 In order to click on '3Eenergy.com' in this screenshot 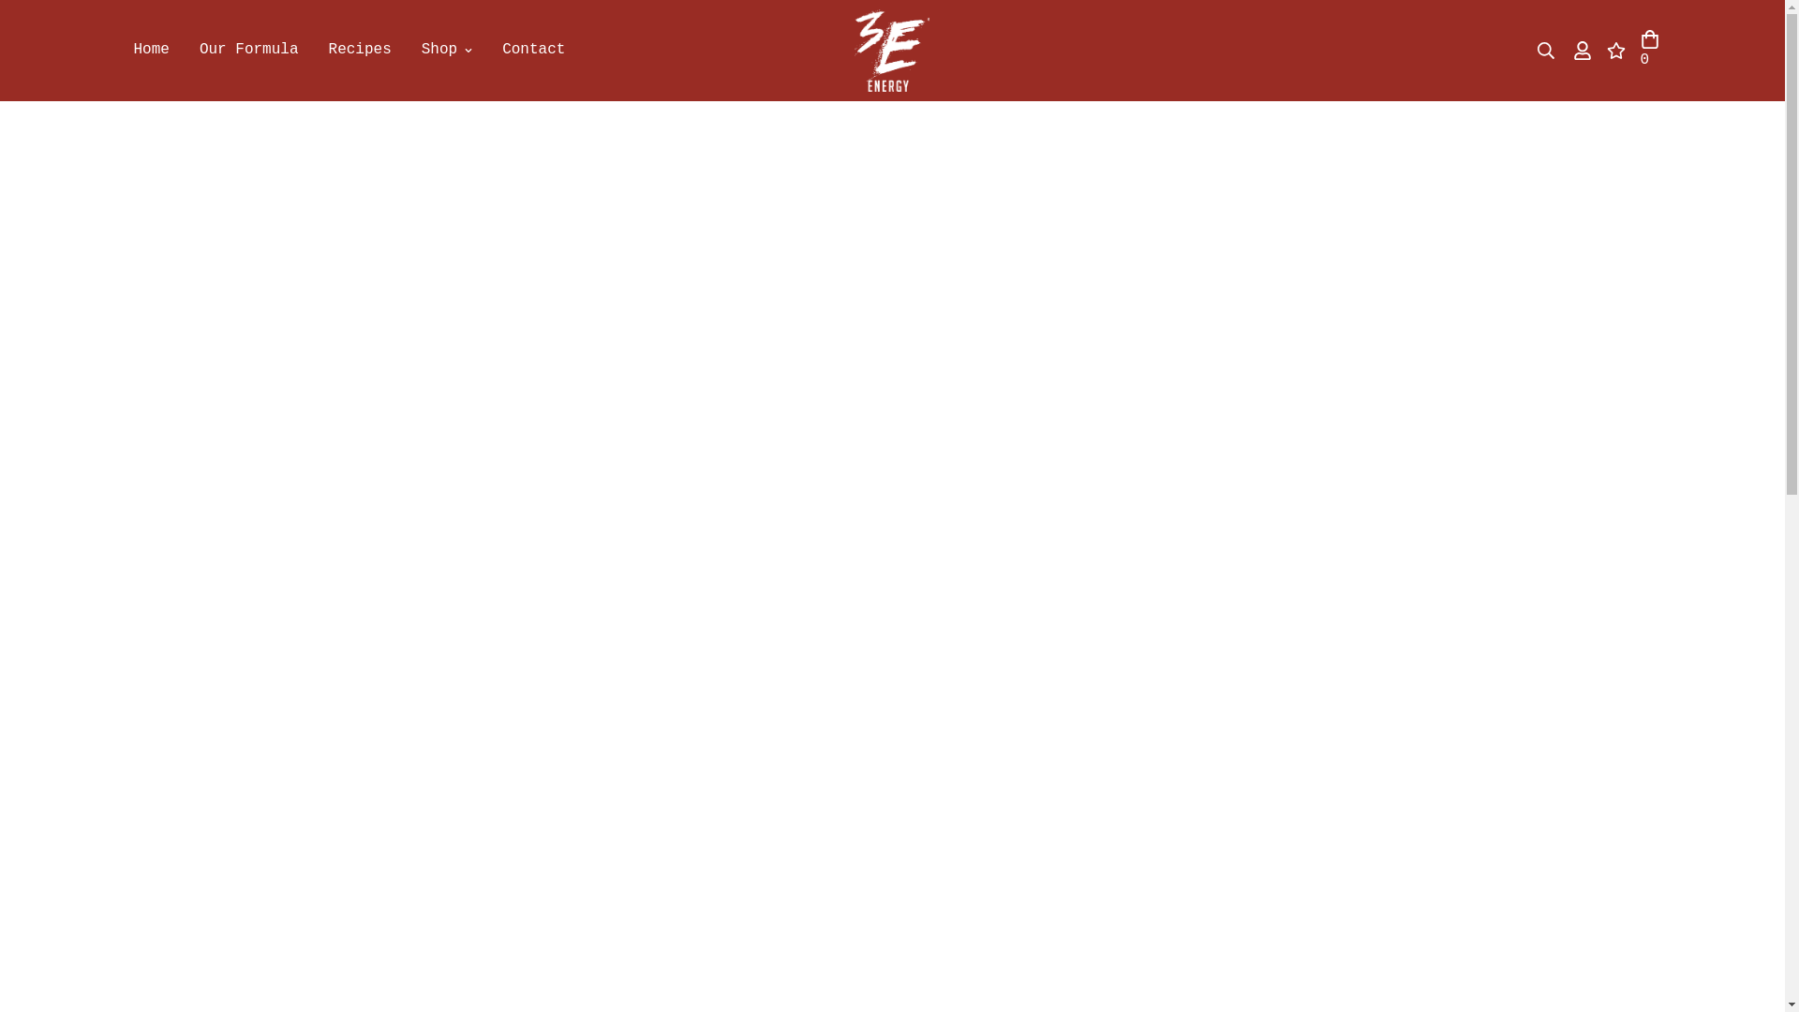, I will do `click(890, 50)`.